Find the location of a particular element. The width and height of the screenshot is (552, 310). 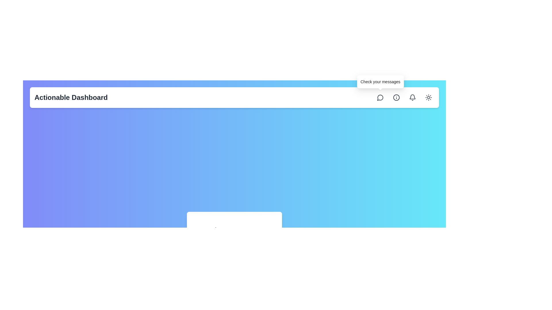

the speech bubble icon located in the top-right corner of the interface, which serves is located at coordinates (380, 97).